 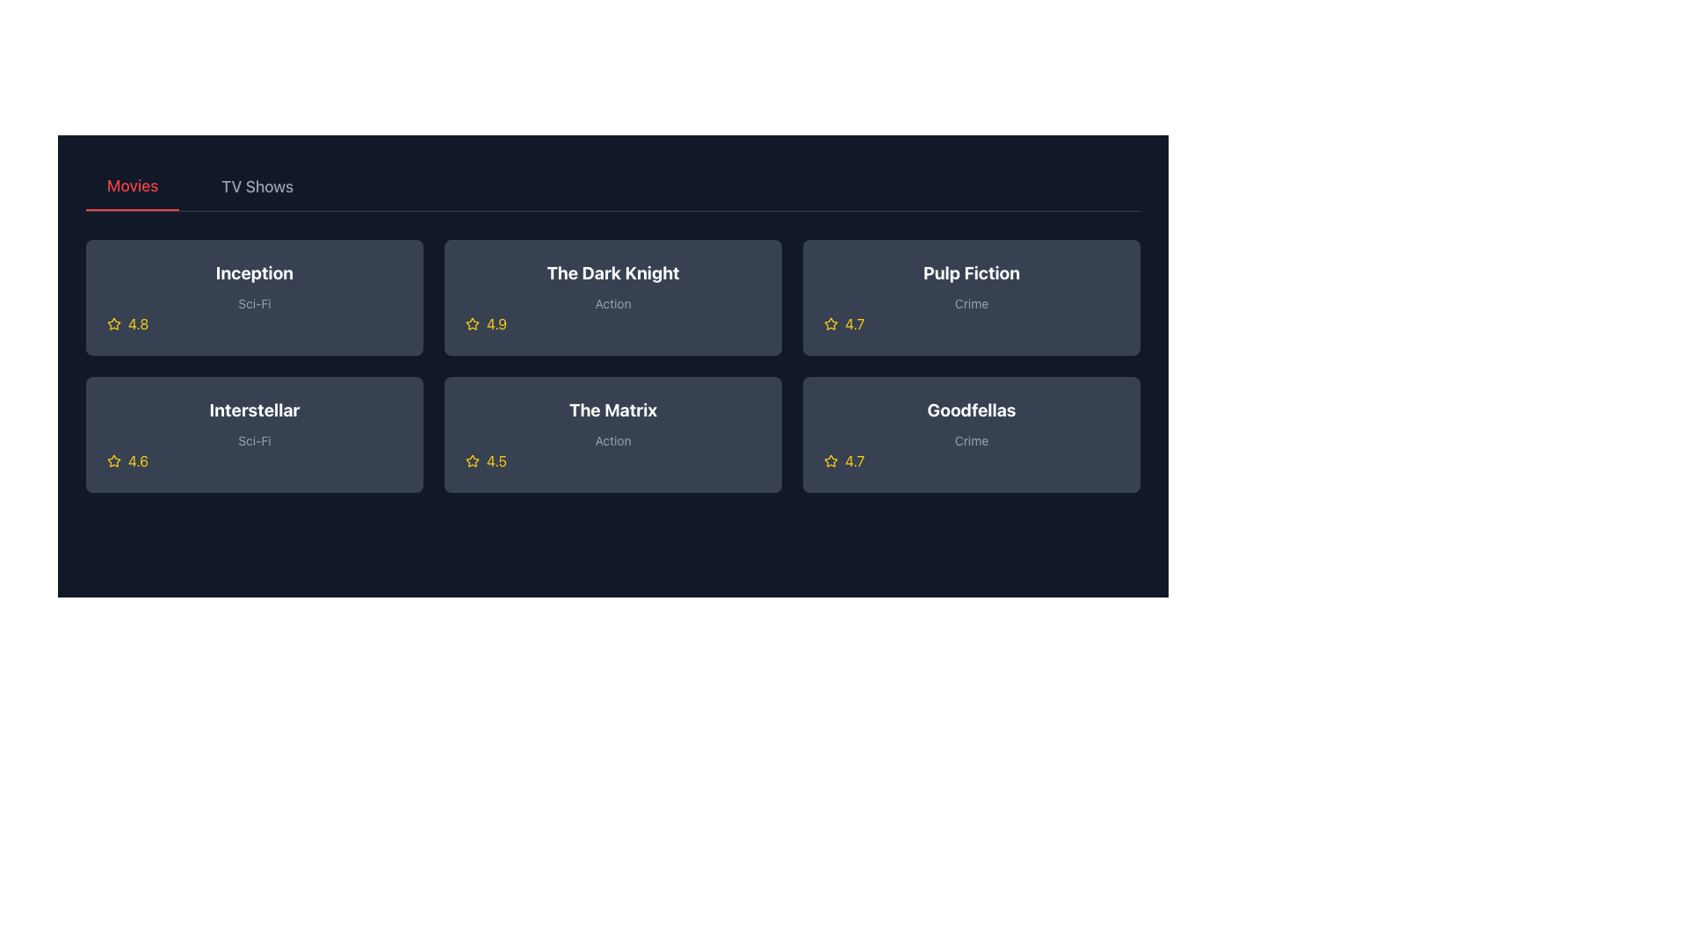 What do you see at coordinates (253, 409) in the screenshot?
I see `the text label 'Interstellar', which is the title of the movie located in the second row, first column of the grid layout, directly above the subtitle 'Sci-Fi'` at bounding box center [253, 409].